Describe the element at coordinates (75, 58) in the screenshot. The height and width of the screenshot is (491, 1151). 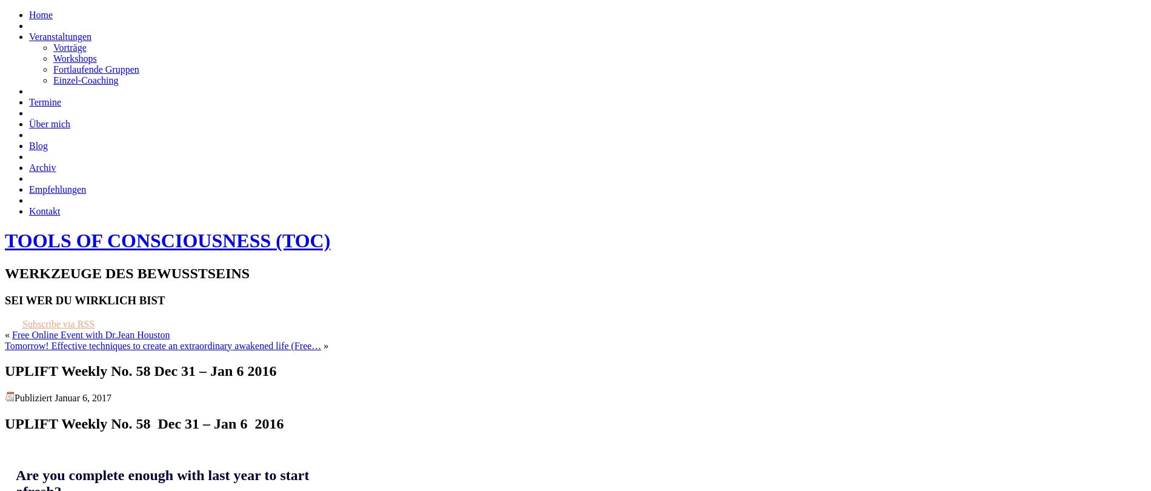
I see `'Workshops'` at that location.